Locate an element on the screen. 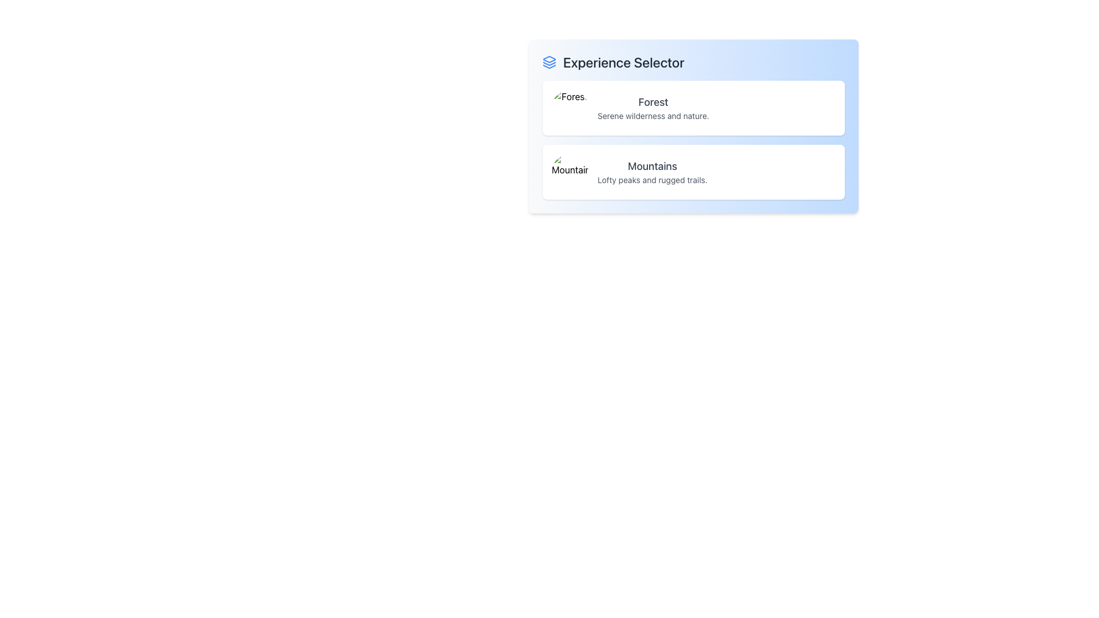 The image size is (1099, 618). the circular image element displaying a placeholder image of mountains, located on the left side of the 'Experience Selector' interface is located at coordinates (570, 172).